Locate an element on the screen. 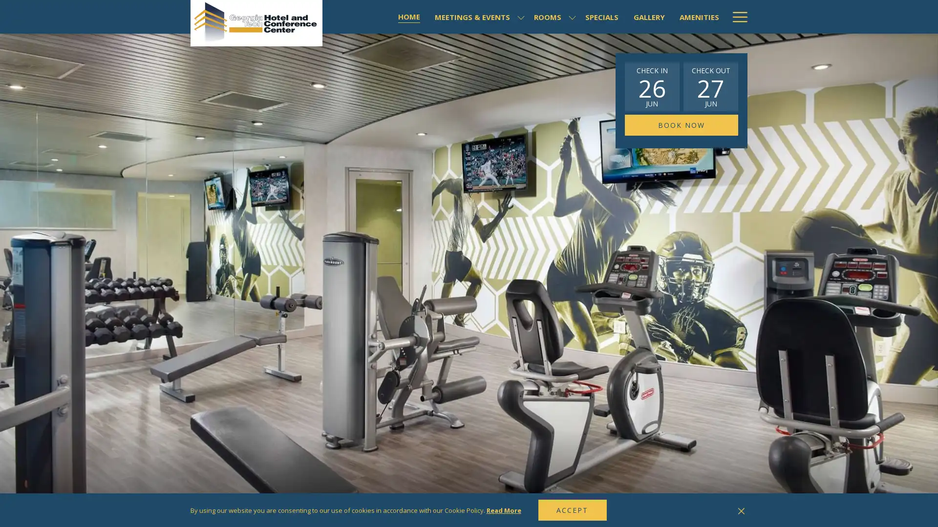 This screenshot has height=527, width=938. Dismiss cookie policy is located at coordinates (741, 509).